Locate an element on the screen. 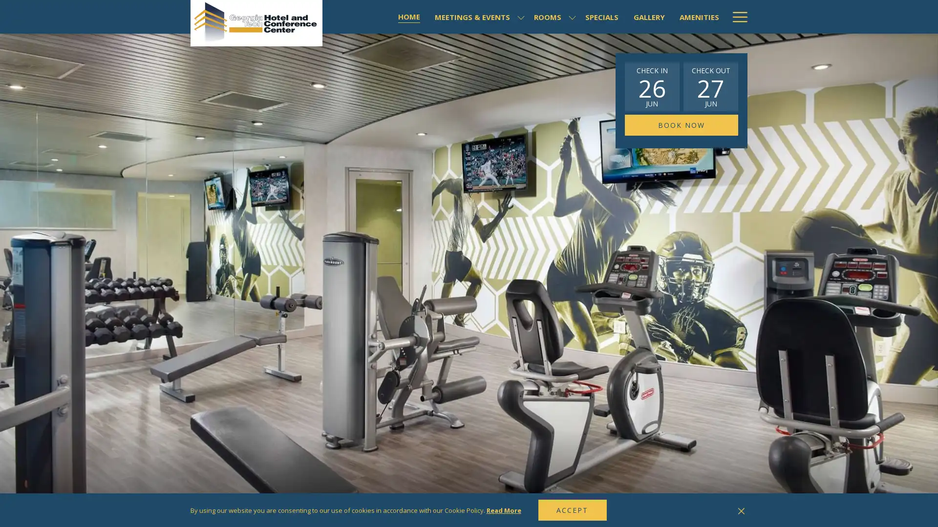 This screenshot has height=527, width=938. Dismiss cookie policy is located at coordinates (741, 509).